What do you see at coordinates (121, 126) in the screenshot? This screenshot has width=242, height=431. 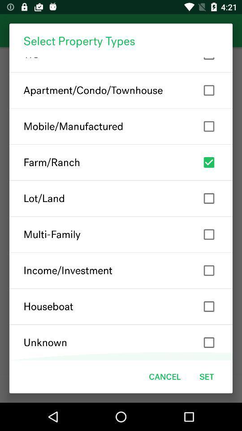 I see `the mobile/manufactured item` at bounding box center [121, 126].